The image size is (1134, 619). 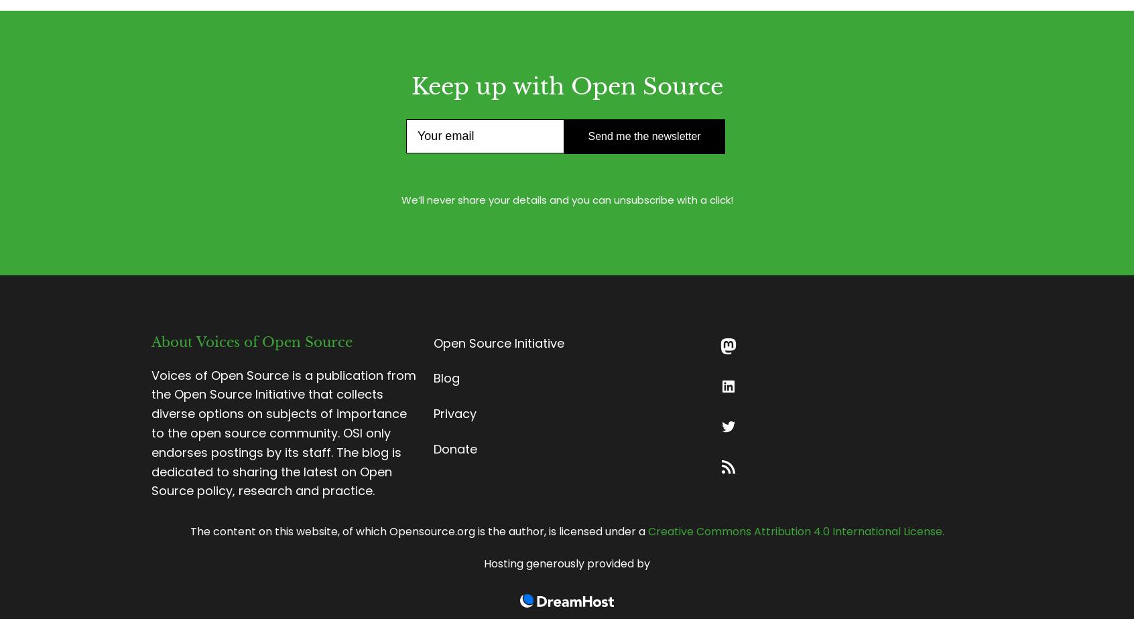 I want to click on 'The content on this website, of which Opensource.org is the author, is licensed under a', so click(x=418, y=531).